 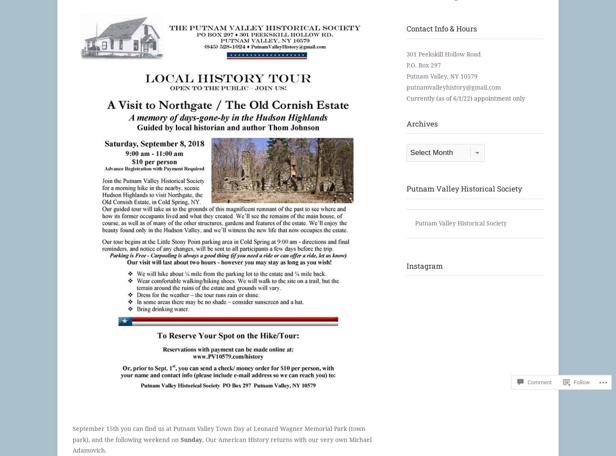 What do you see at coordinates (441, 76) in the screenshot?
I see `'Putnam Valley, NY 10579'` at bounding box center [441, 76].